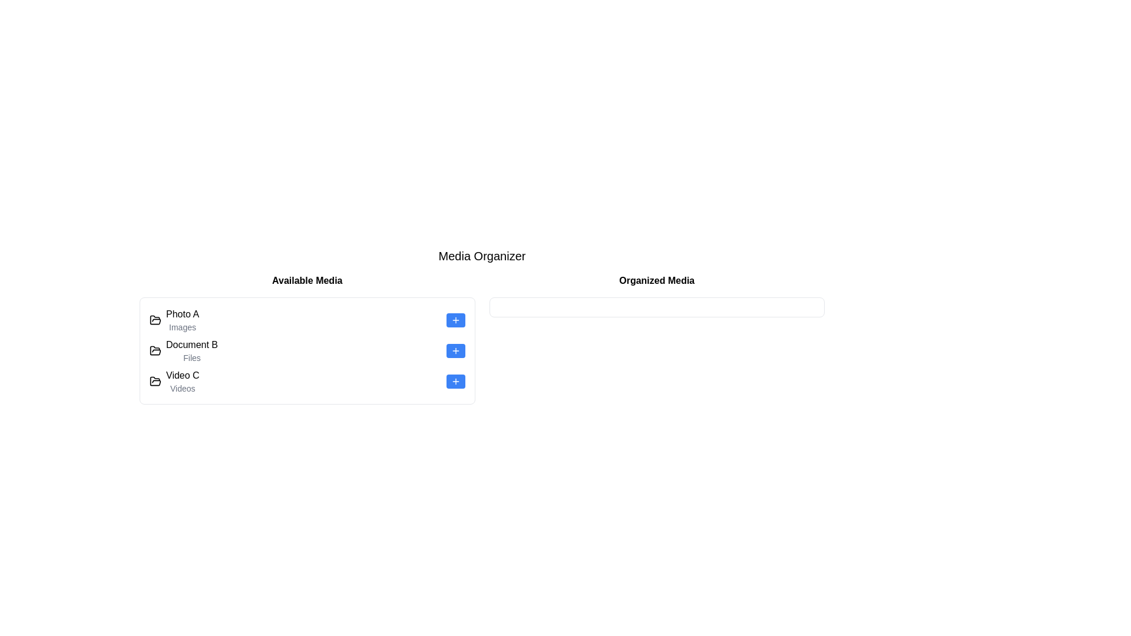 Image resolution: width=1131 pixels, height=636 pixels. I want to click on the Folder item labeled 'Video C' in the 'Available Media' section, so click(174, 382).